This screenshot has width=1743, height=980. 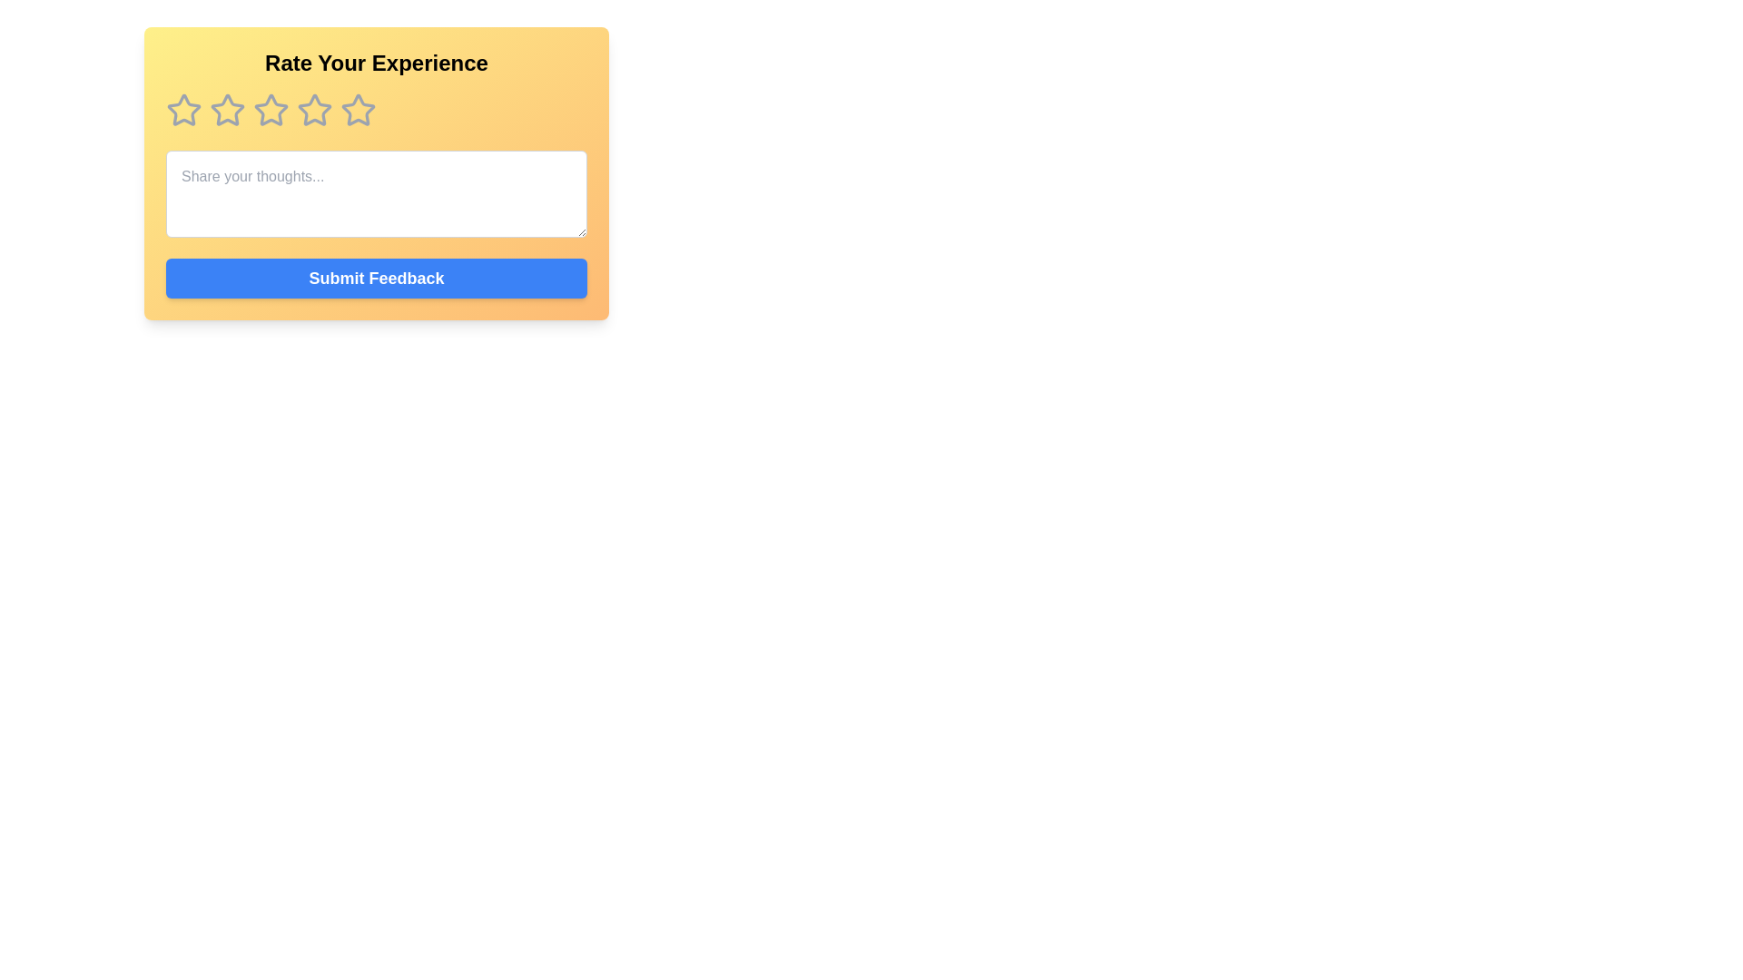 What do you see at coordinates (313, 109) in the screenshot?
I see `the third star icon in the rating system` at bounding box center [313, 109].